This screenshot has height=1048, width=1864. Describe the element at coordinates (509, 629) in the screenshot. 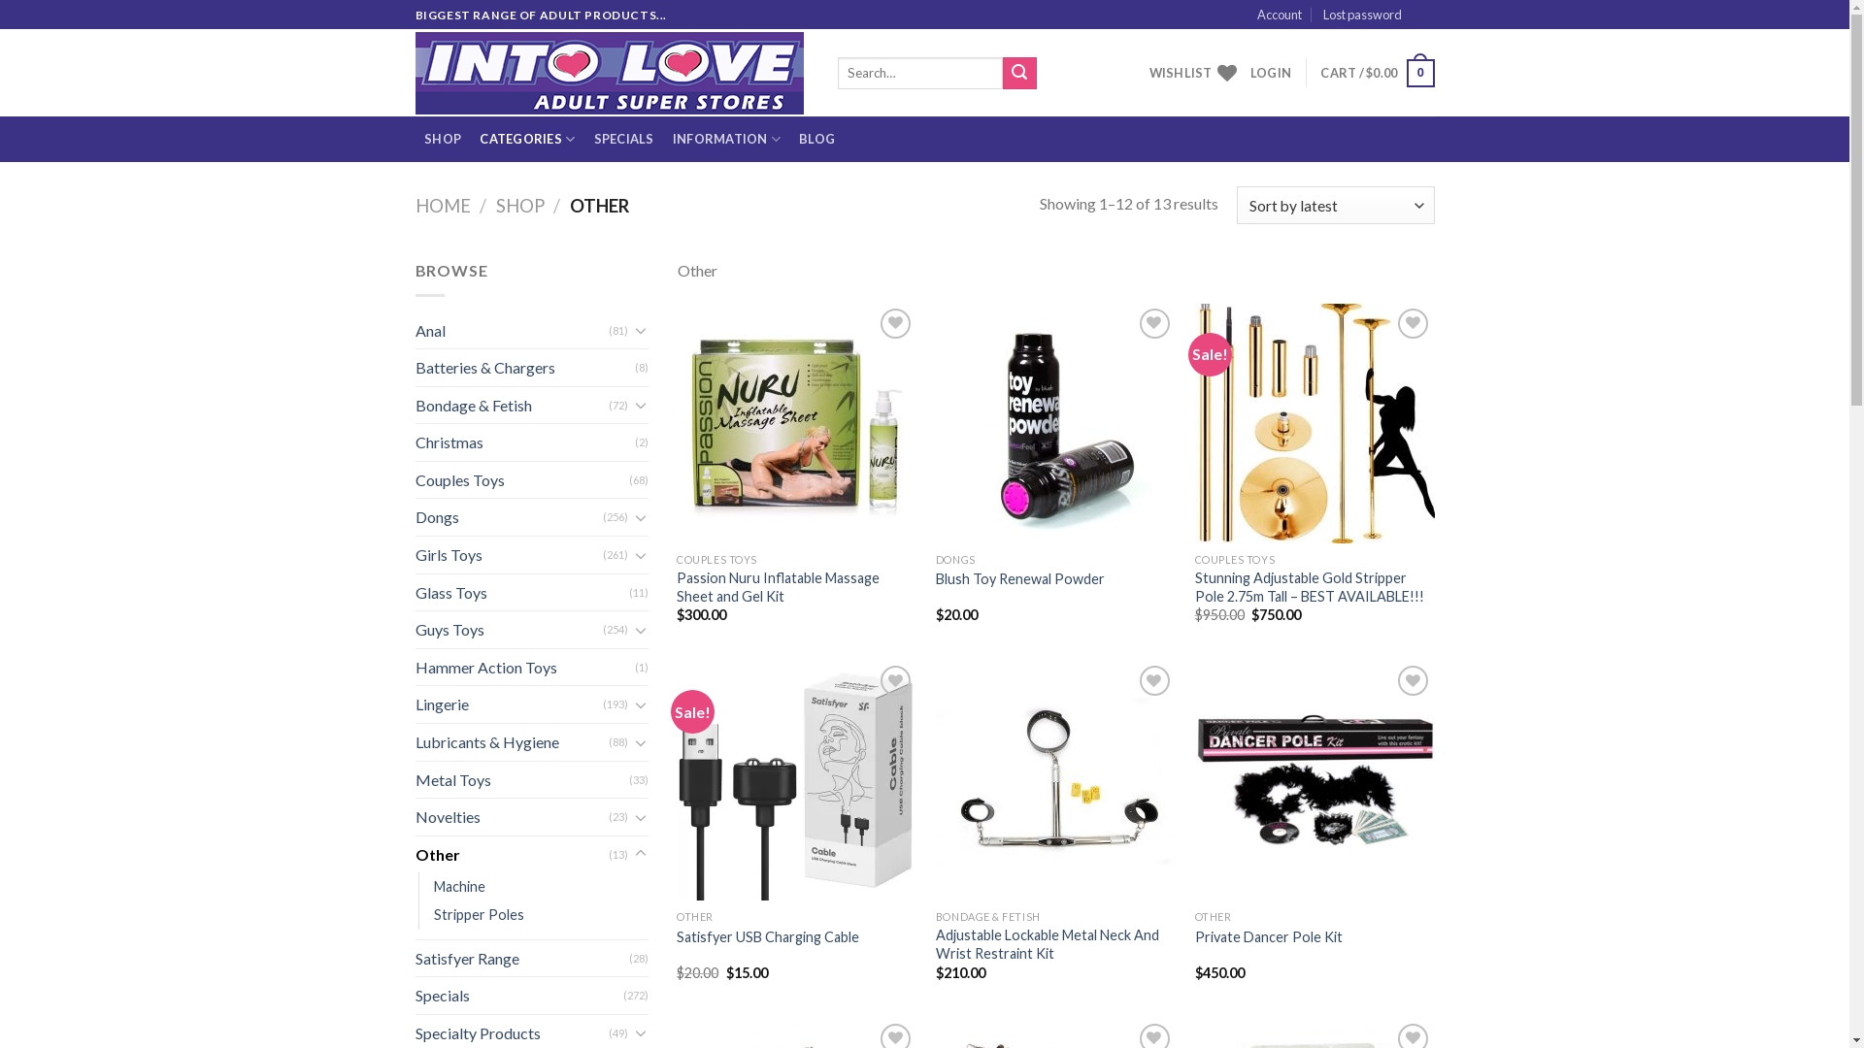

I see `'Guys Toys'` at that location.